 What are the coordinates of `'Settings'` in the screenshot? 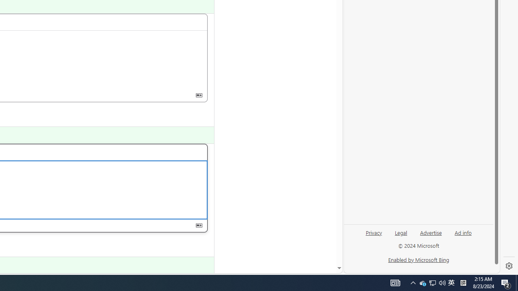 It's located at (509, 266).